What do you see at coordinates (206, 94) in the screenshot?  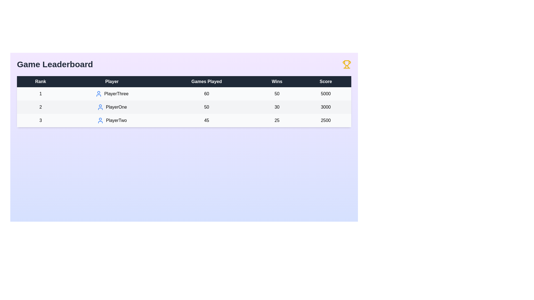 I see `the text displaying the number of games played by 'PlayerThree'` at bounding box center [206, 94].